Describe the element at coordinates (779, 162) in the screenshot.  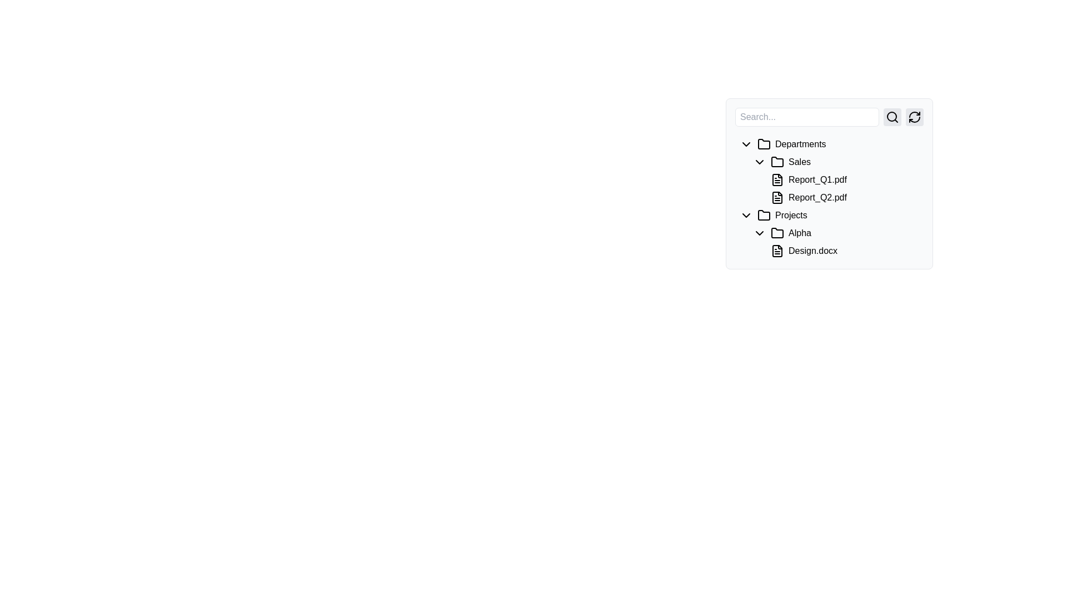
I see `the folder icon, which is located next to the 'Sales' label in the file navigator interface. The icon features a black outline and a minimalist design, representing a folder` at that location.